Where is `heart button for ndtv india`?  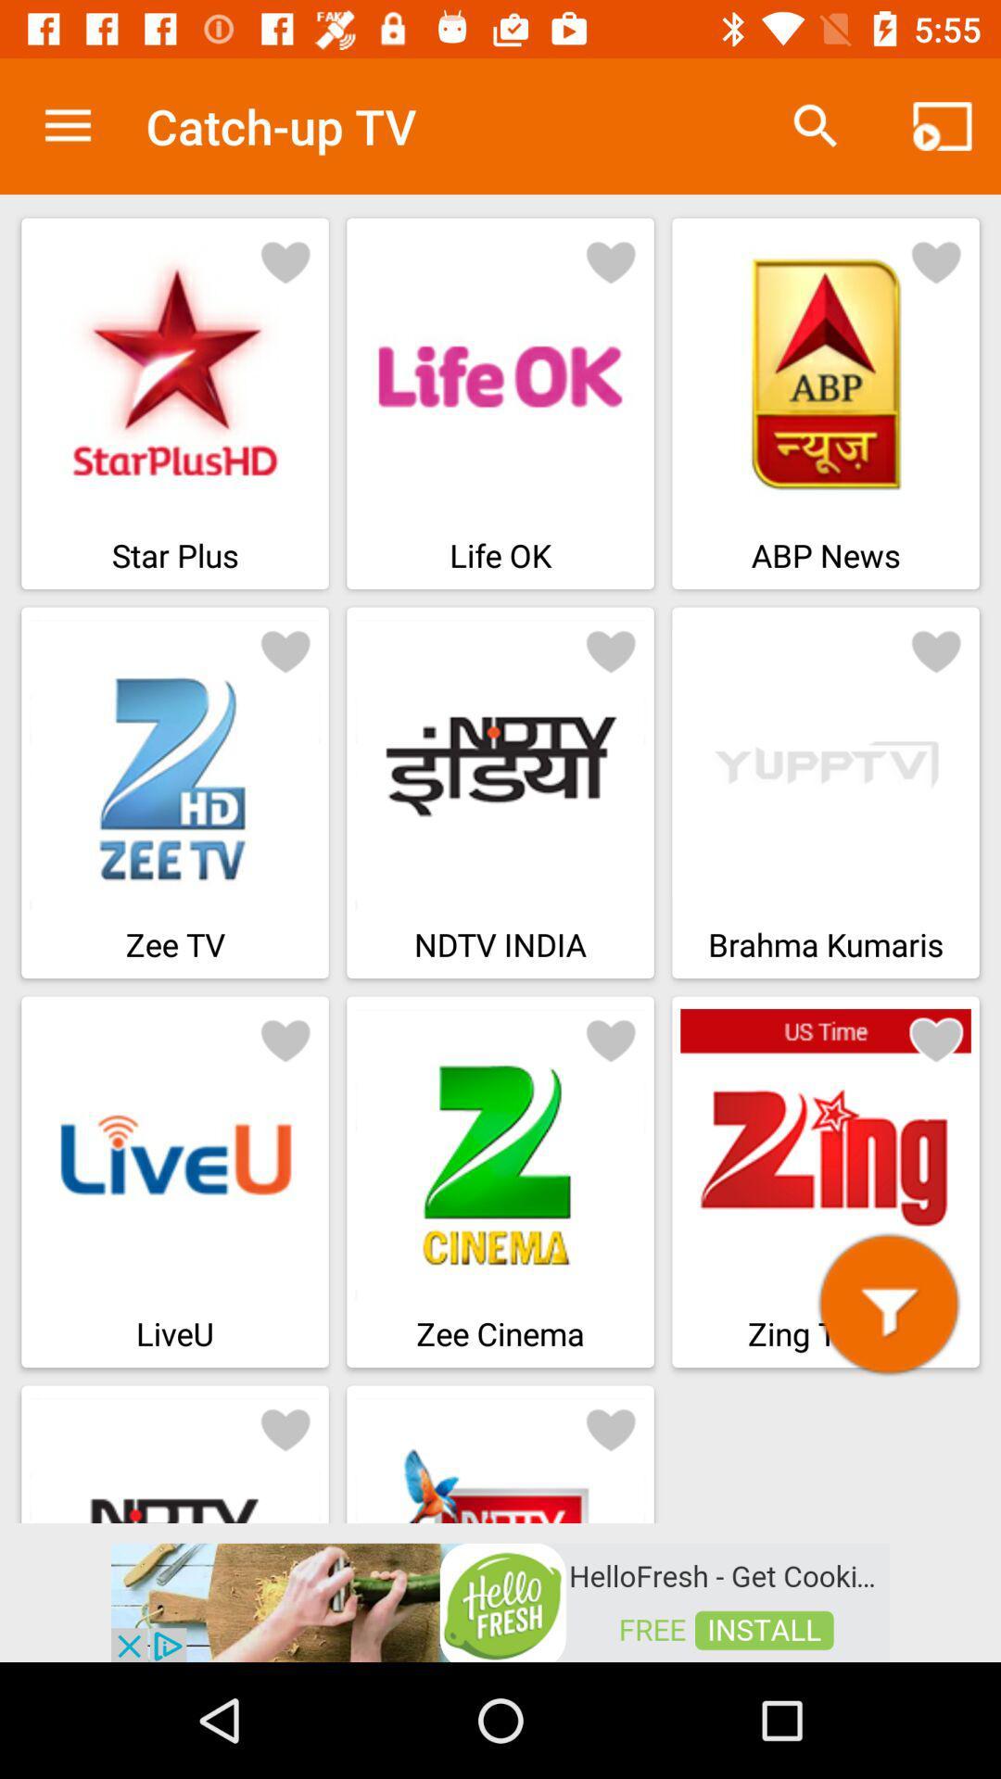 heart button for ndtv india is located at coordinates (611, 650).